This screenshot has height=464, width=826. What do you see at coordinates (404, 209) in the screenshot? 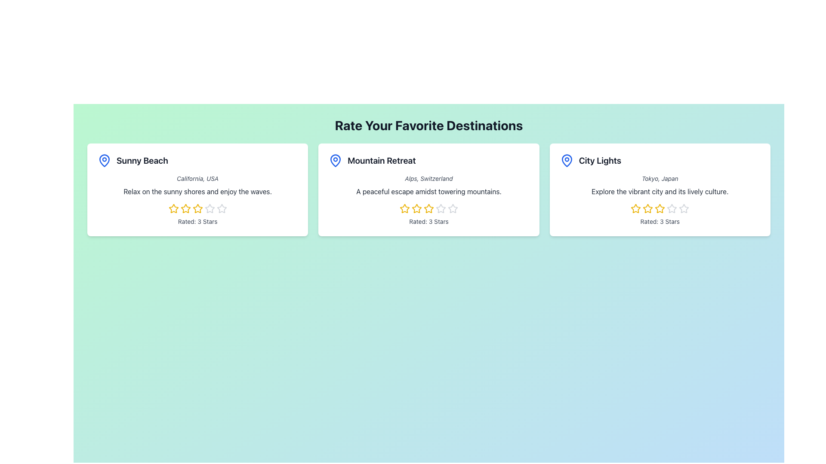
I see `the second rating star icon in the rating system of the 'Mountain Retreat' card` at bounding box center [404, 209].